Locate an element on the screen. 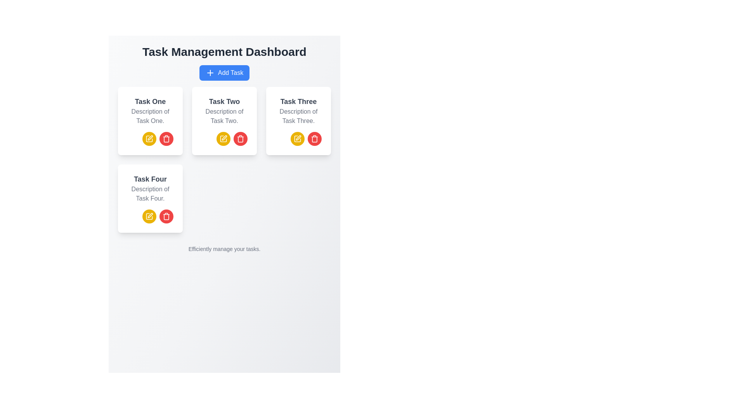 Image resolution: width=745 pixels, height=419 pixels. the informational text located below the header 'Task Two' in the second card of the top row is located at coordinates (224, 116).